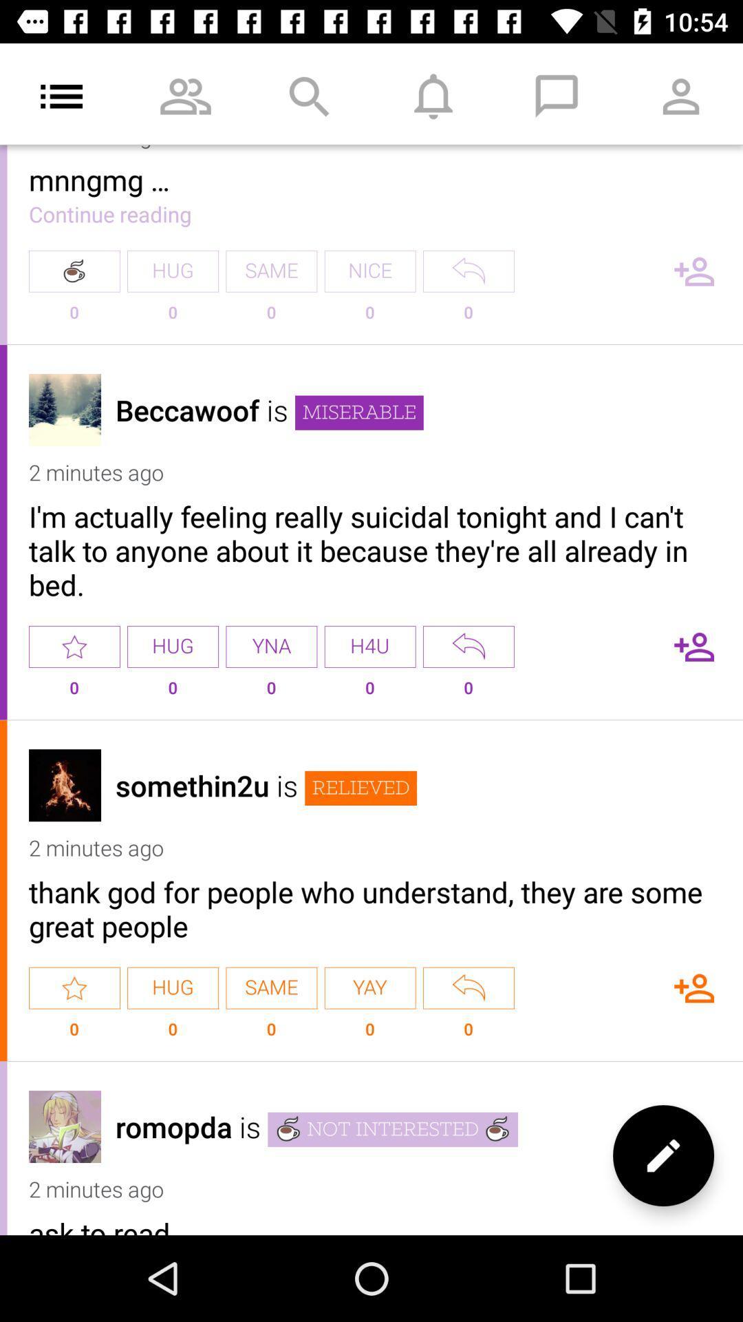 The image size is (743, 1322). Describe the element at coordinates (74, 646) in the screenshot. I see `as a favorite` at that location.